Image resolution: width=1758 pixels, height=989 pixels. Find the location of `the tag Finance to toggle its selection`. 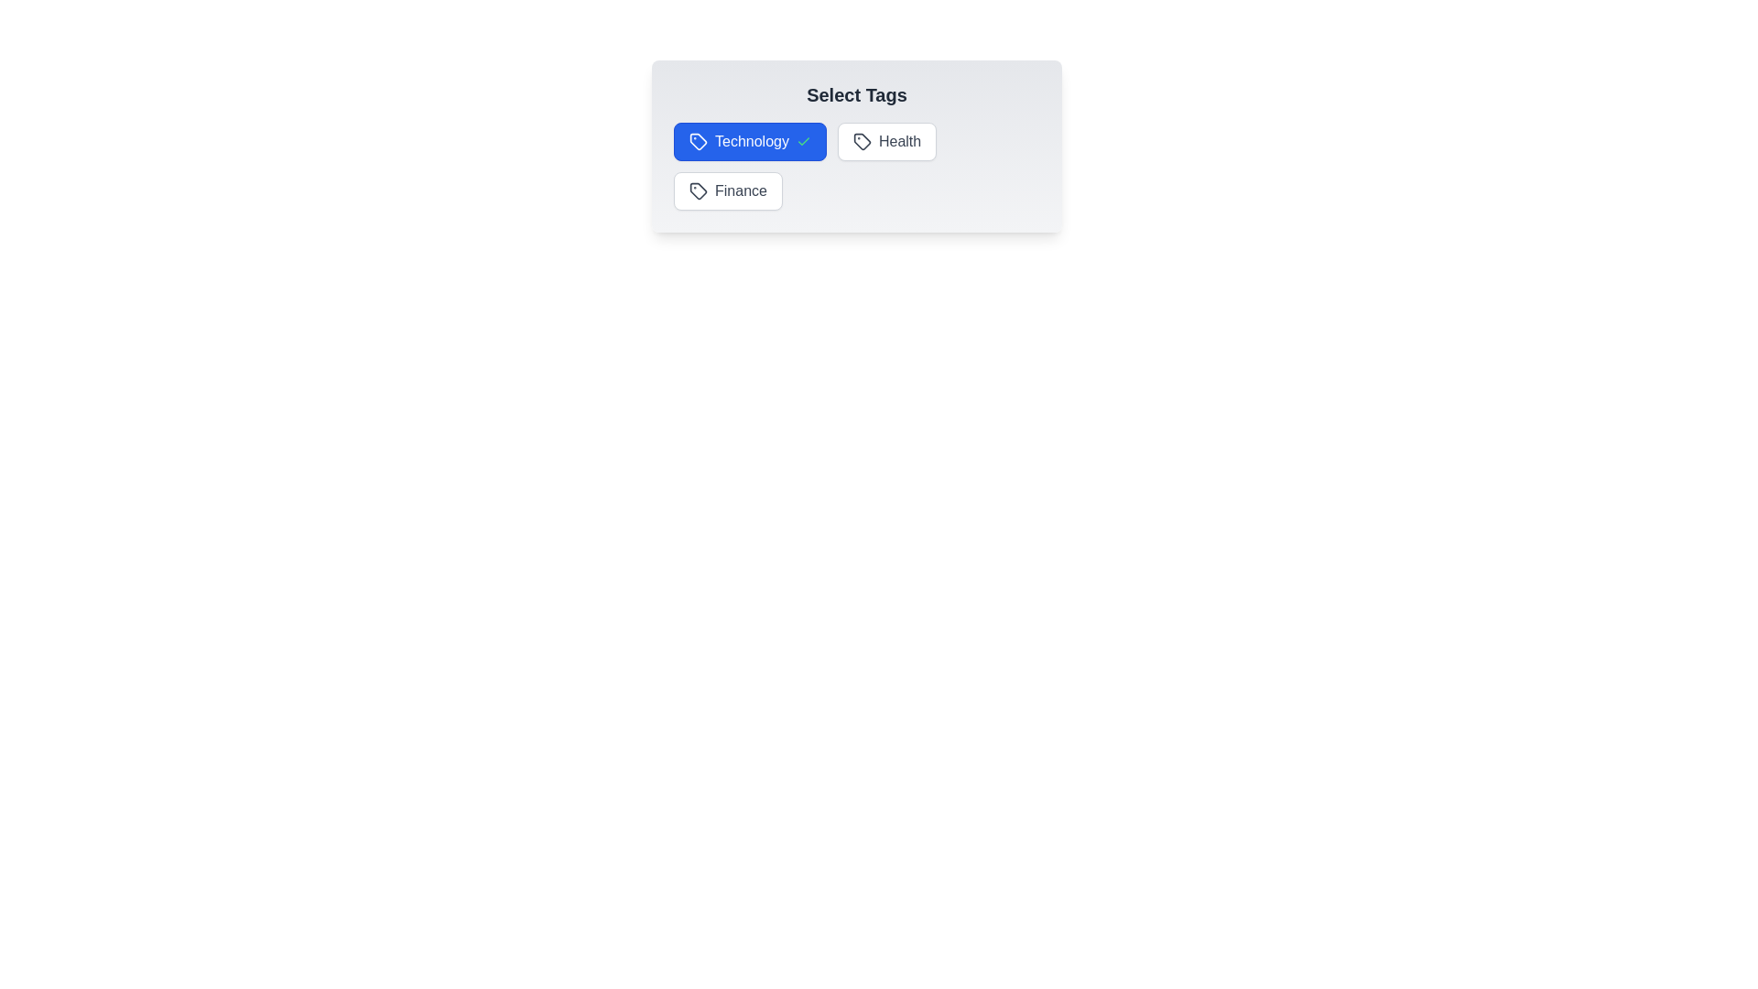

the tag Finance to toggle its selection is located at coordinates (727, 190).